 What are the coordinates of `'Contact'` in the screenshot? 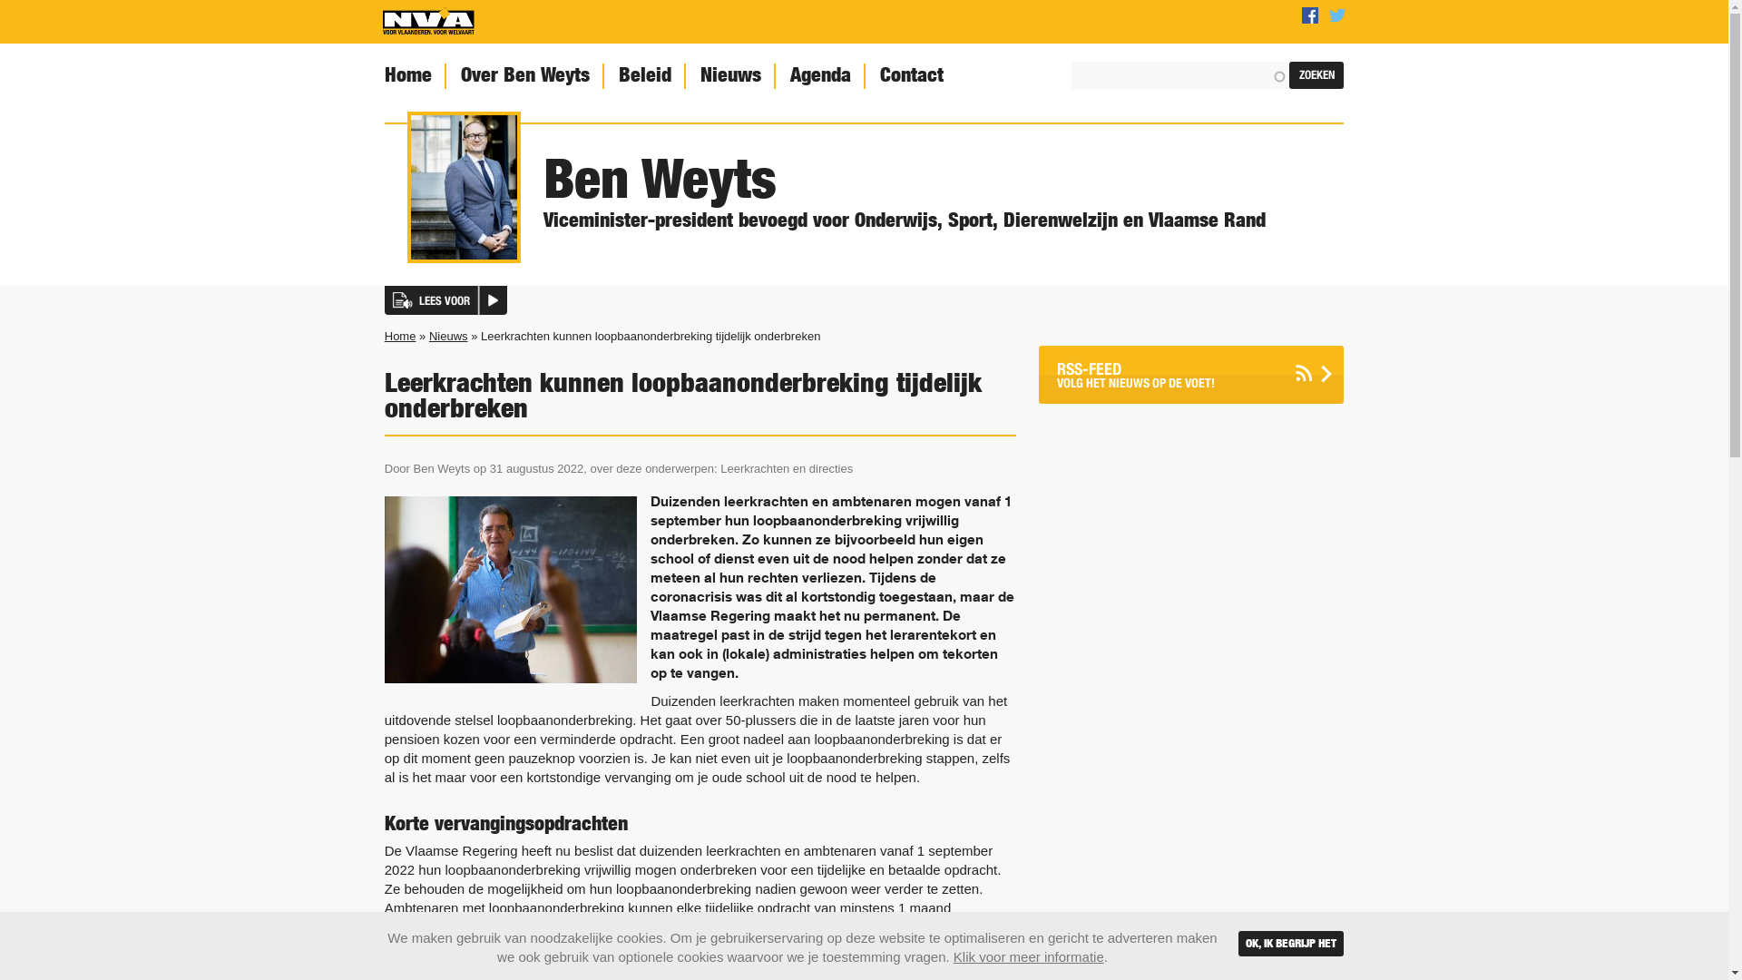 It's located at (862, 75).